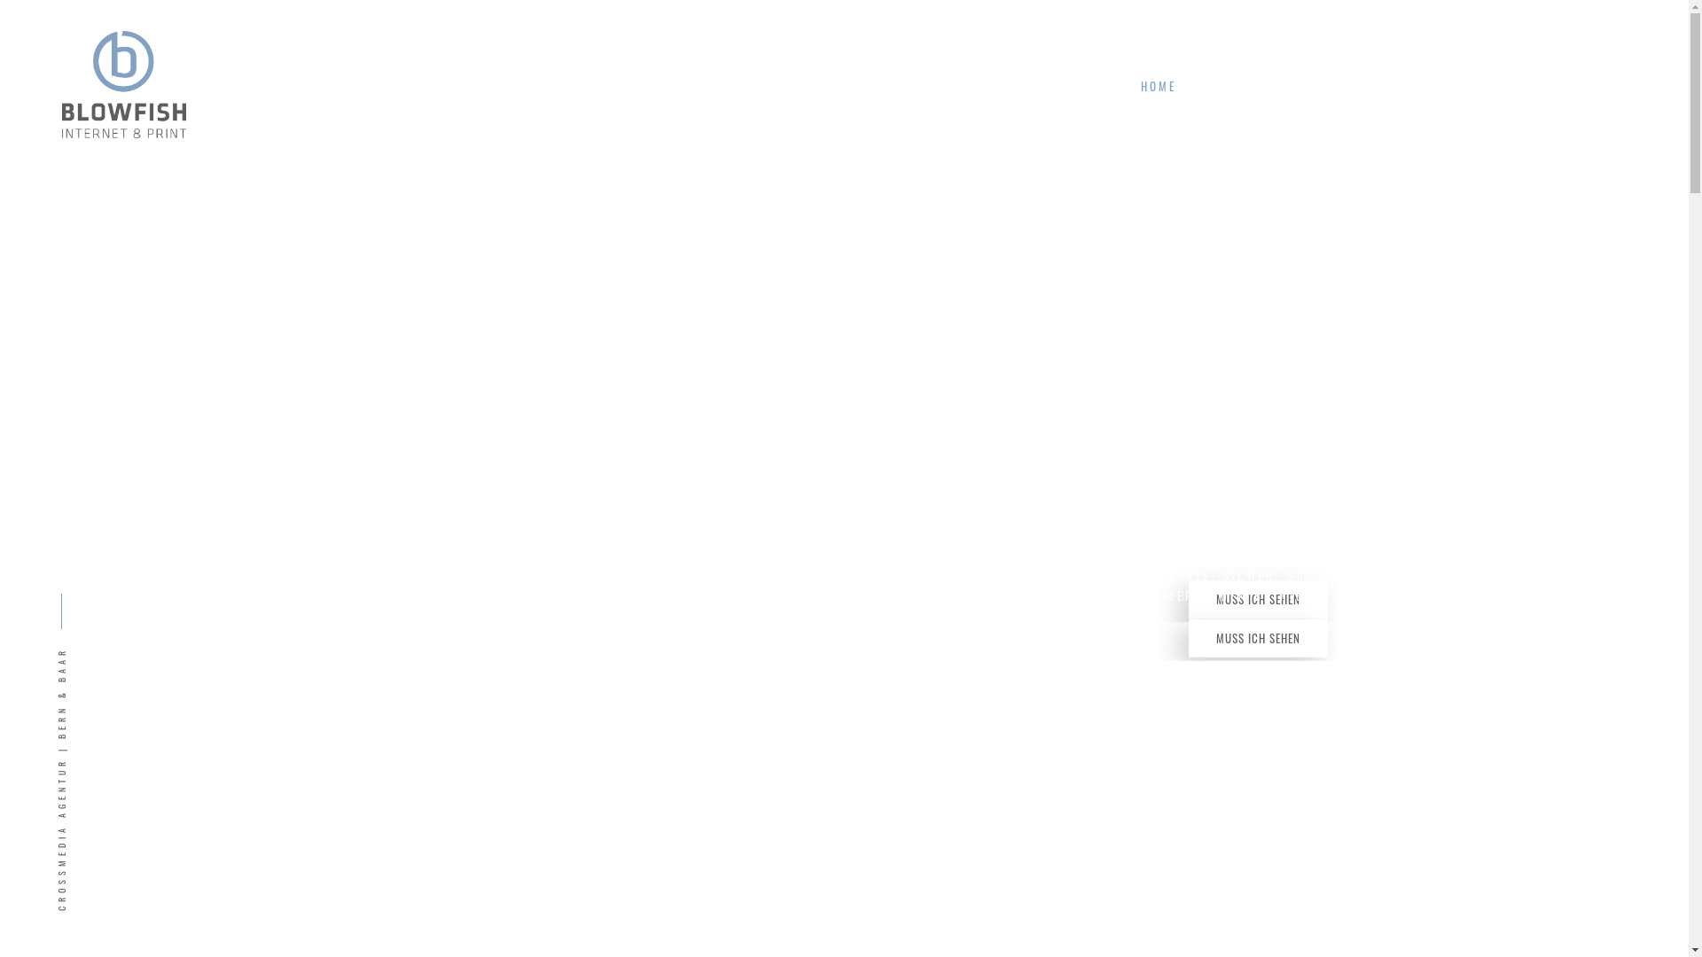  What do you see at coordinates (1321, 86) in the screenshot?
I see `'PROJEKTE'` at bounding box center [1321, 86].